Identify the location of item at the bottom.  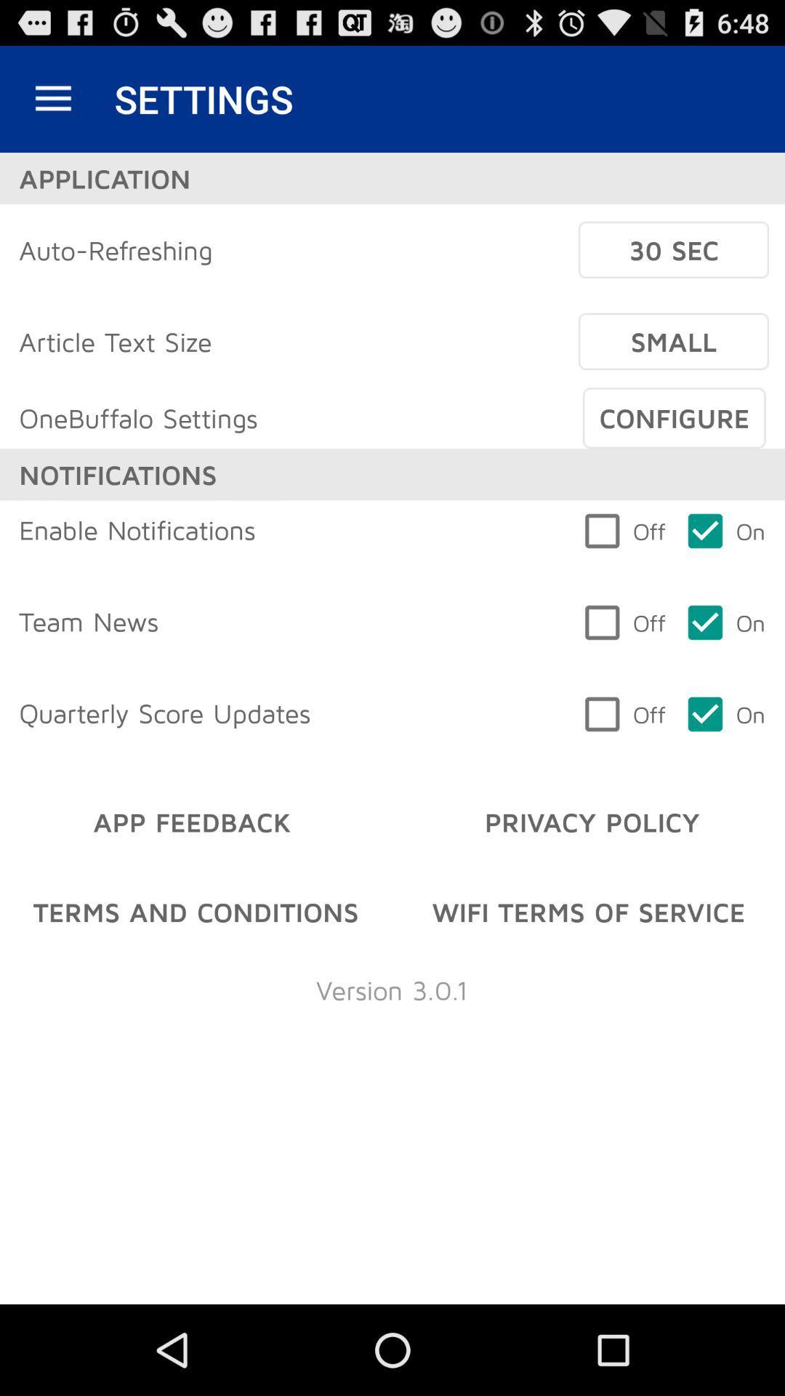
(391, 989).